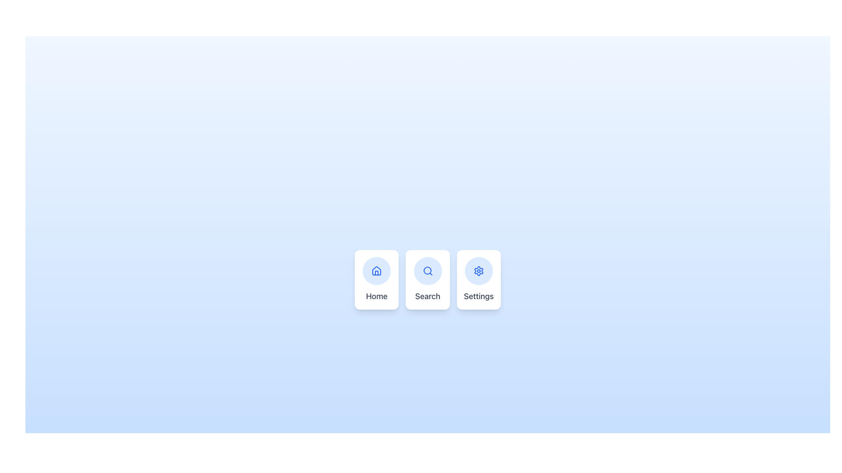 The height and width of the screenshot is (473, 842). Describe the element at coordinates (428, 280) in the screenshot. I see `the 'Search' button located in the middle of three buttons, which activates the search functionality` at that location.